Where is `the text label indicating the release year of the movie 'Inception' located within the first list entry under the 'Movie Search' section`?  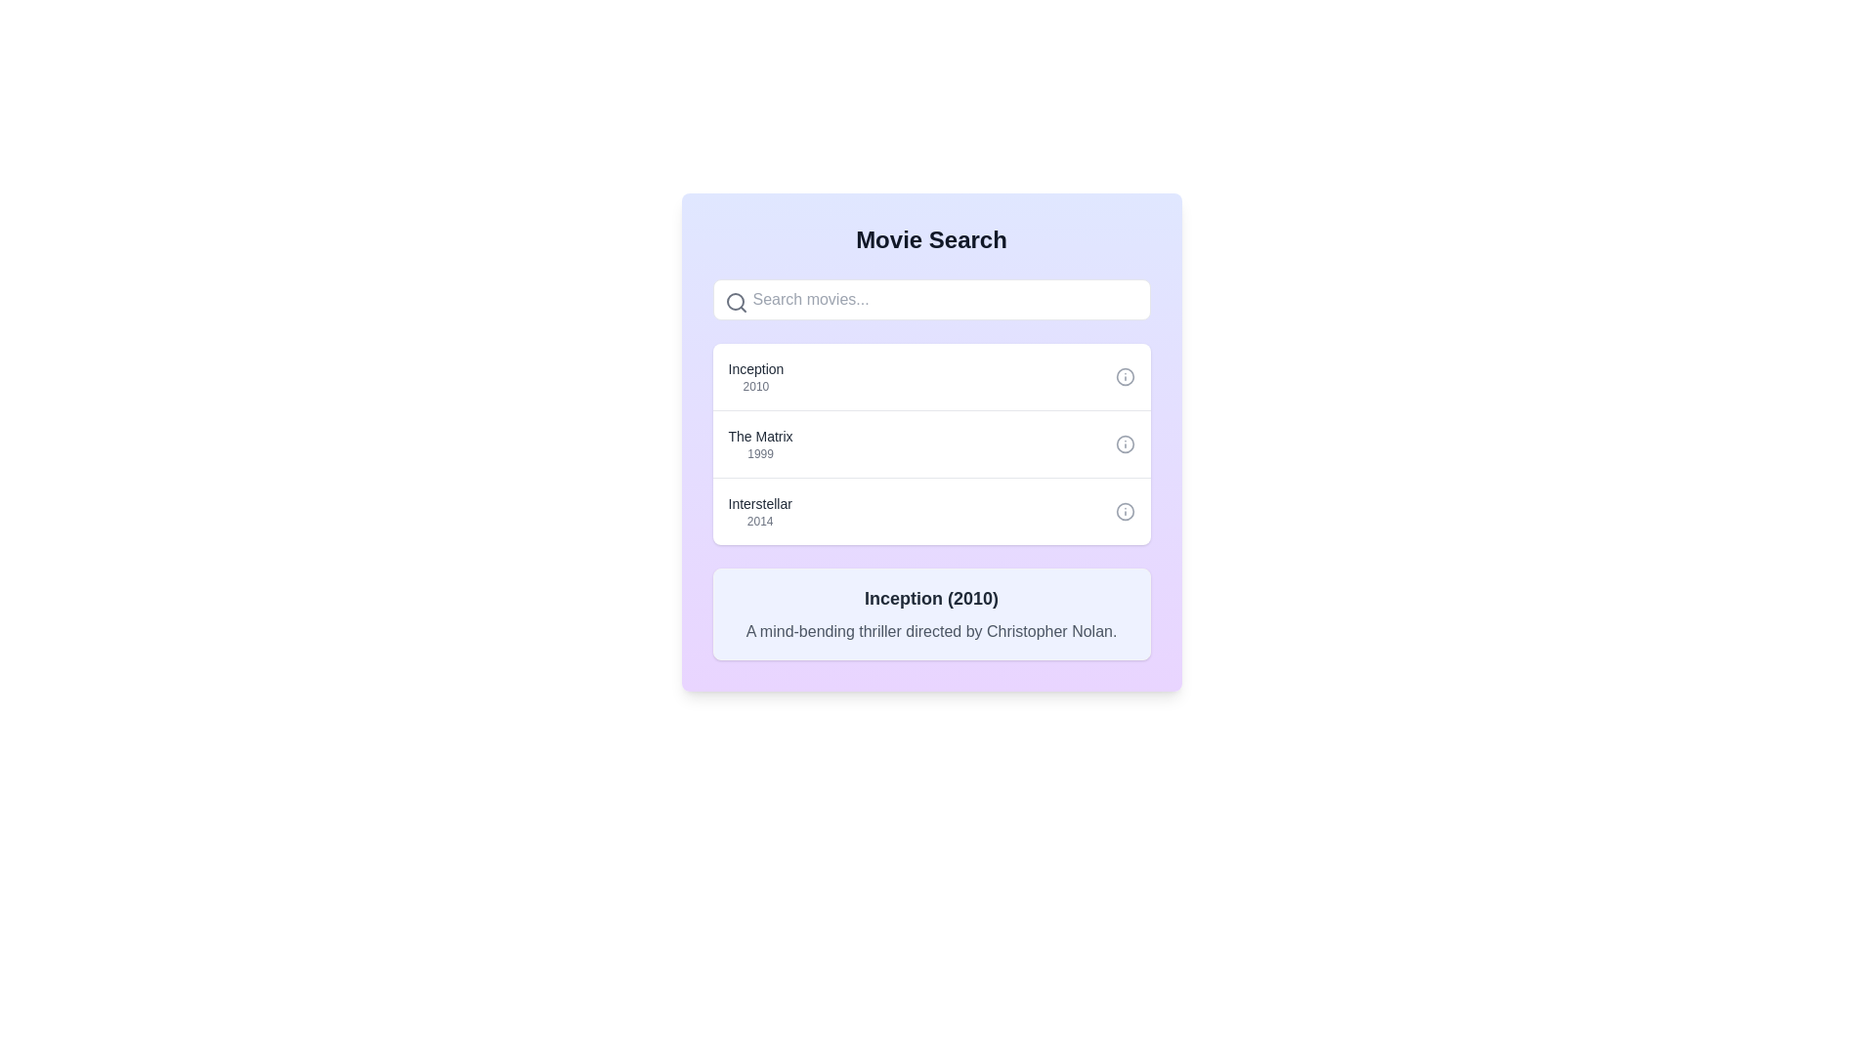
the text label indicating the release year of the movie 'Inception' located within the first list entry under the 'Movie Search' section is located at coordinates (754, 387).